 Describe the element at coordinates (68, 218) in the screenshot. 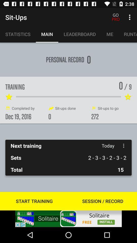

I see `visit sponsor advertisement` at that location.